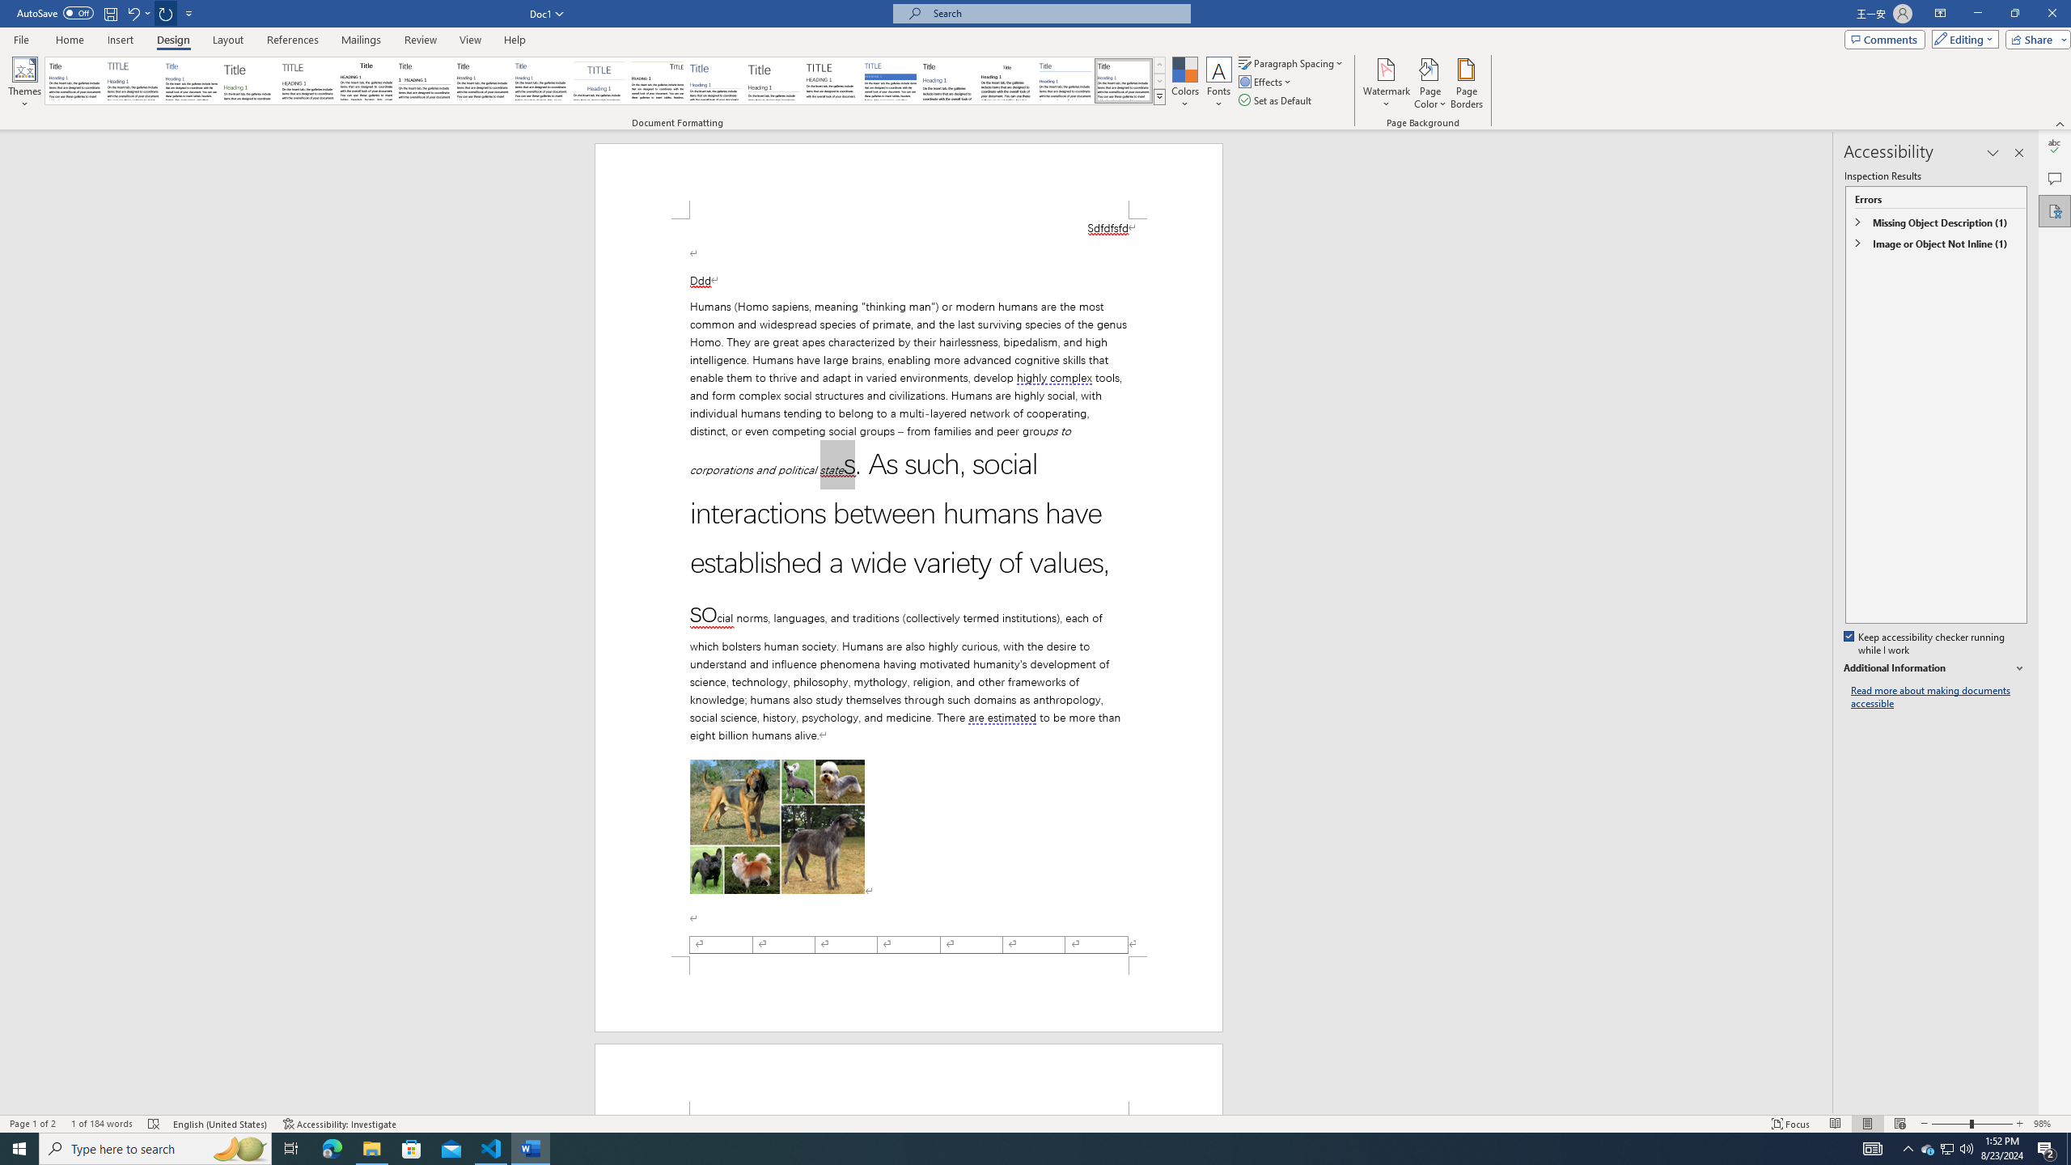 This screenshot has width=2071, height=1165. I want to click on 'Black & White (Word 2013)', so click(481, 80).